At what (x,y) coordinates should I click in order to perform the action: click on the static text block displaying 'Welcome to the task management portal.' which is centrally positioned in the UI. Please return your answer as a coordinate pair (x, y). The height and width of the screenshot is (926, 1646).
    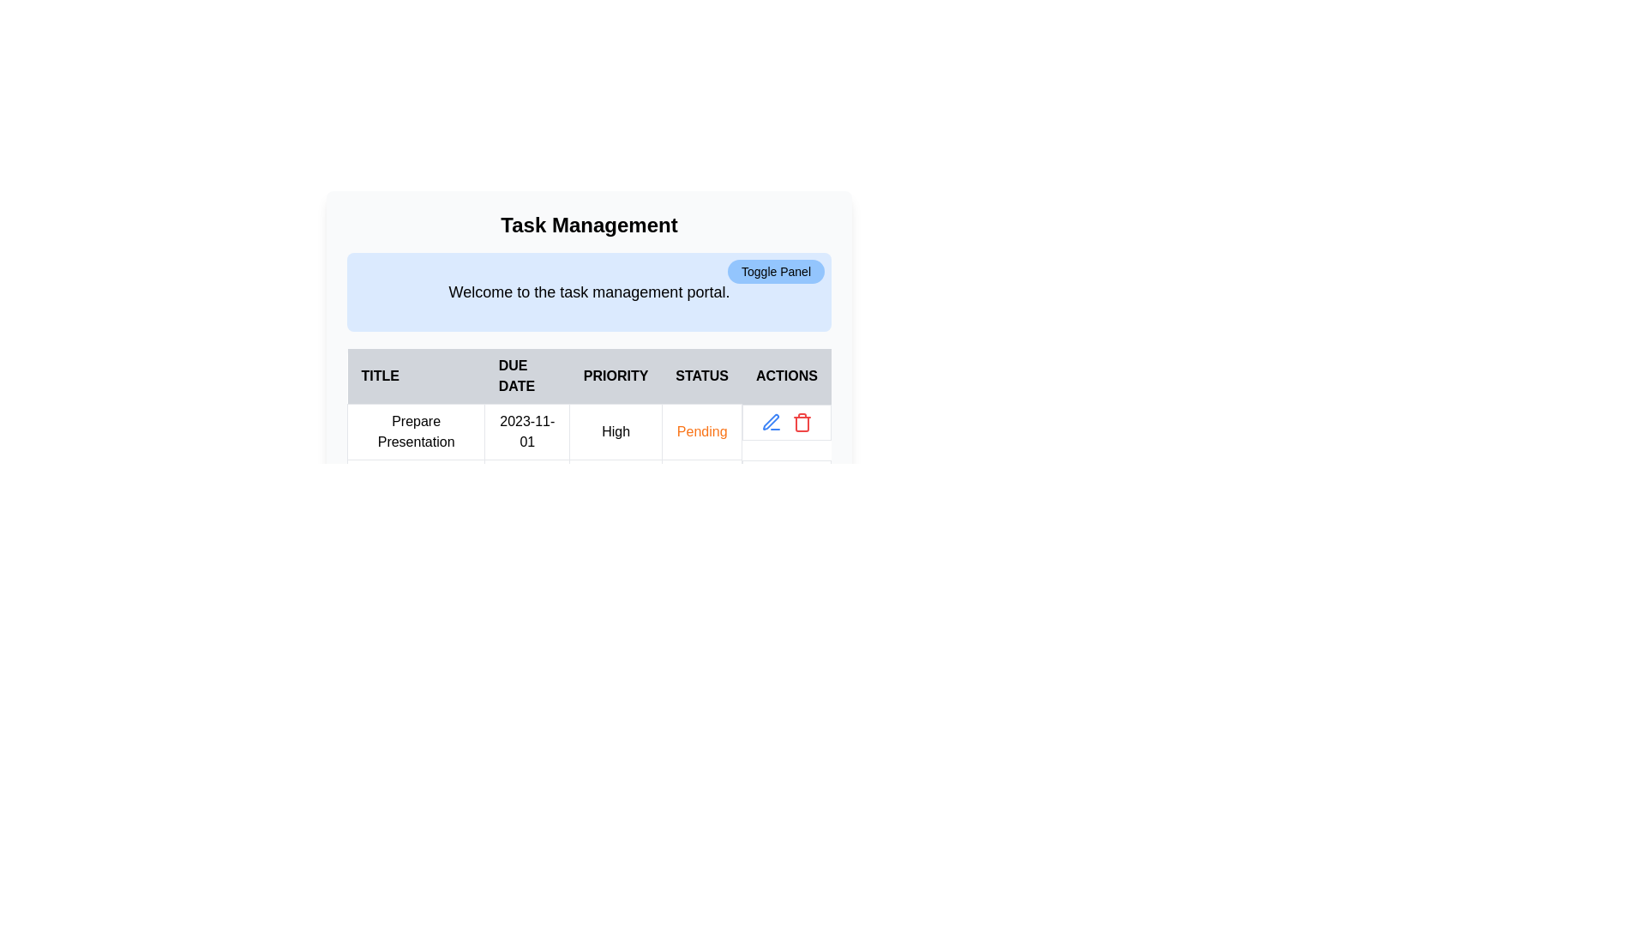
    Looking at the image, I should click on (589, 291).